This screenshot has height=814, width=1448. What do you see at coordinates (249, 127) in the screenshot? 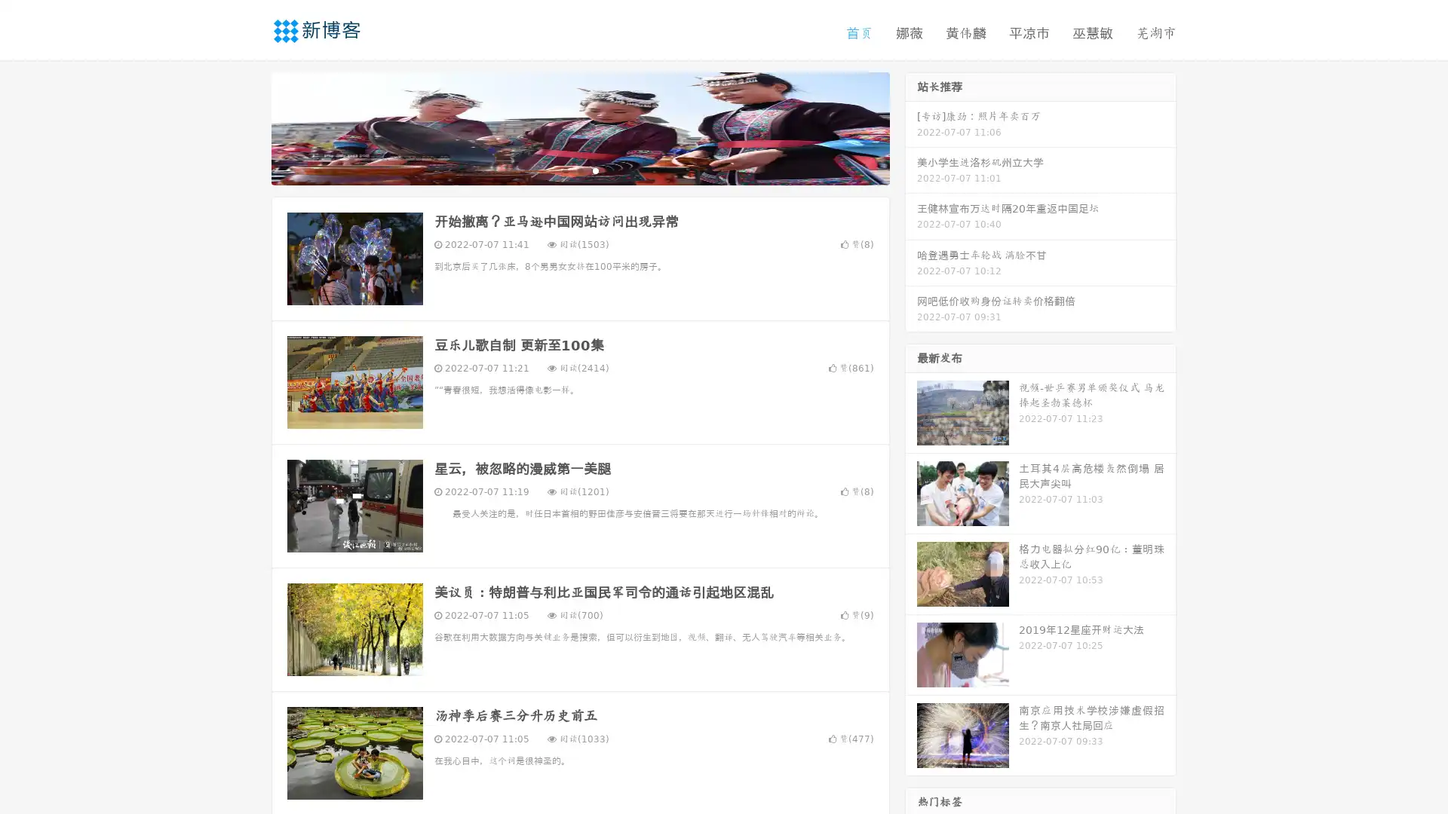
I see `Previous slide` at bounding box center [249, 127].